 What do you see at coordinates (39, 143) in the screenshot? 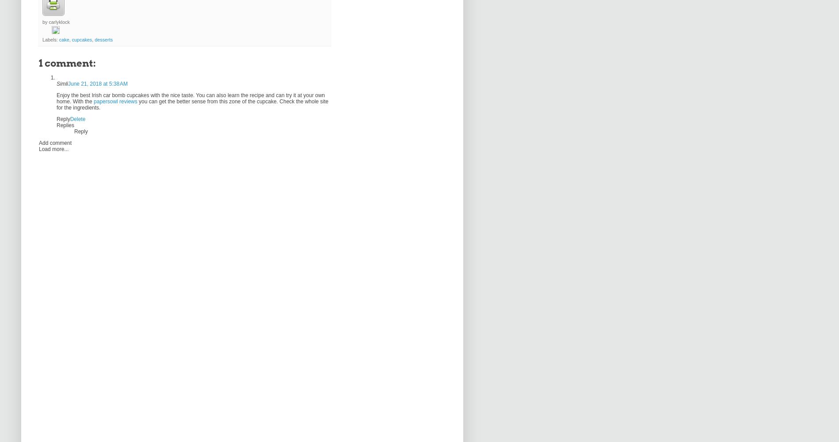
I see `'Add comment'` at bounding box center [39, 143].